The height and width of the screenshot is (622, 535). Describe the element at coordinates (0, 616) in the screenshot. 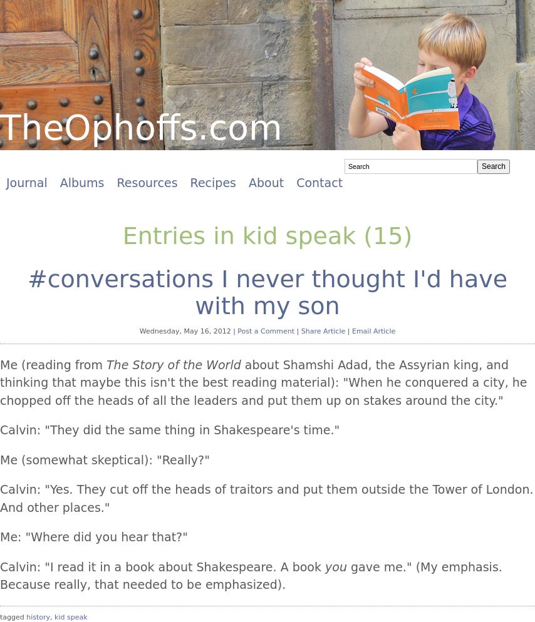

I see `'tagged'` at that location.